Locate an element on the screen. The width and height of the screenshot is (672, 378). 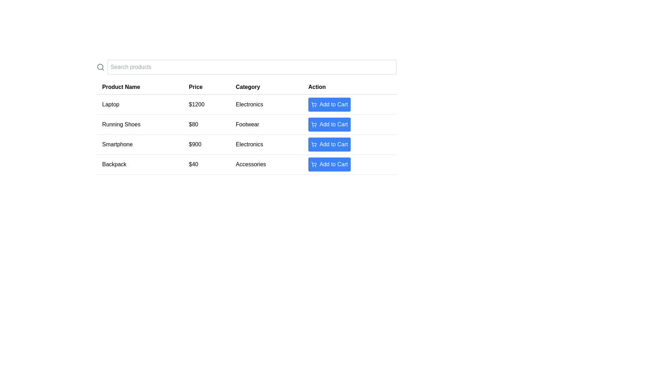
the second row of the product summary table is located at coordinates (246, 134).